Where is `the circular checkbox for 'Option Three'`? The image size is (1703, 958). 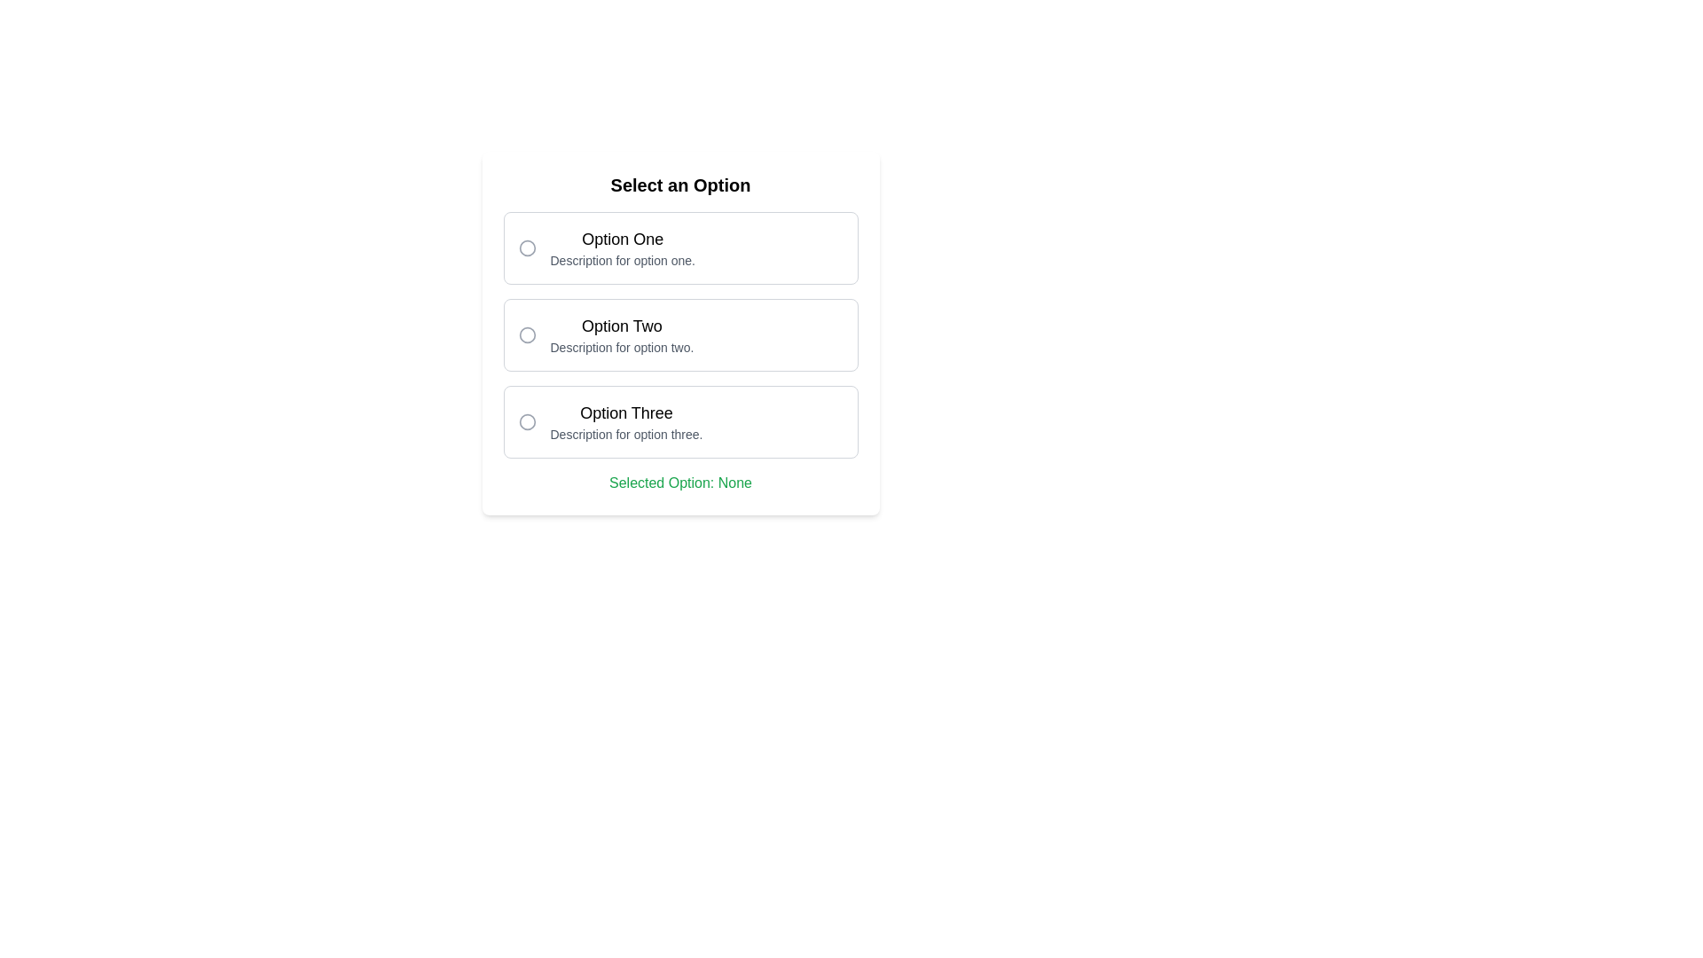
the circular checkbox for 'Option Three' is located at coordinates (526, 421).